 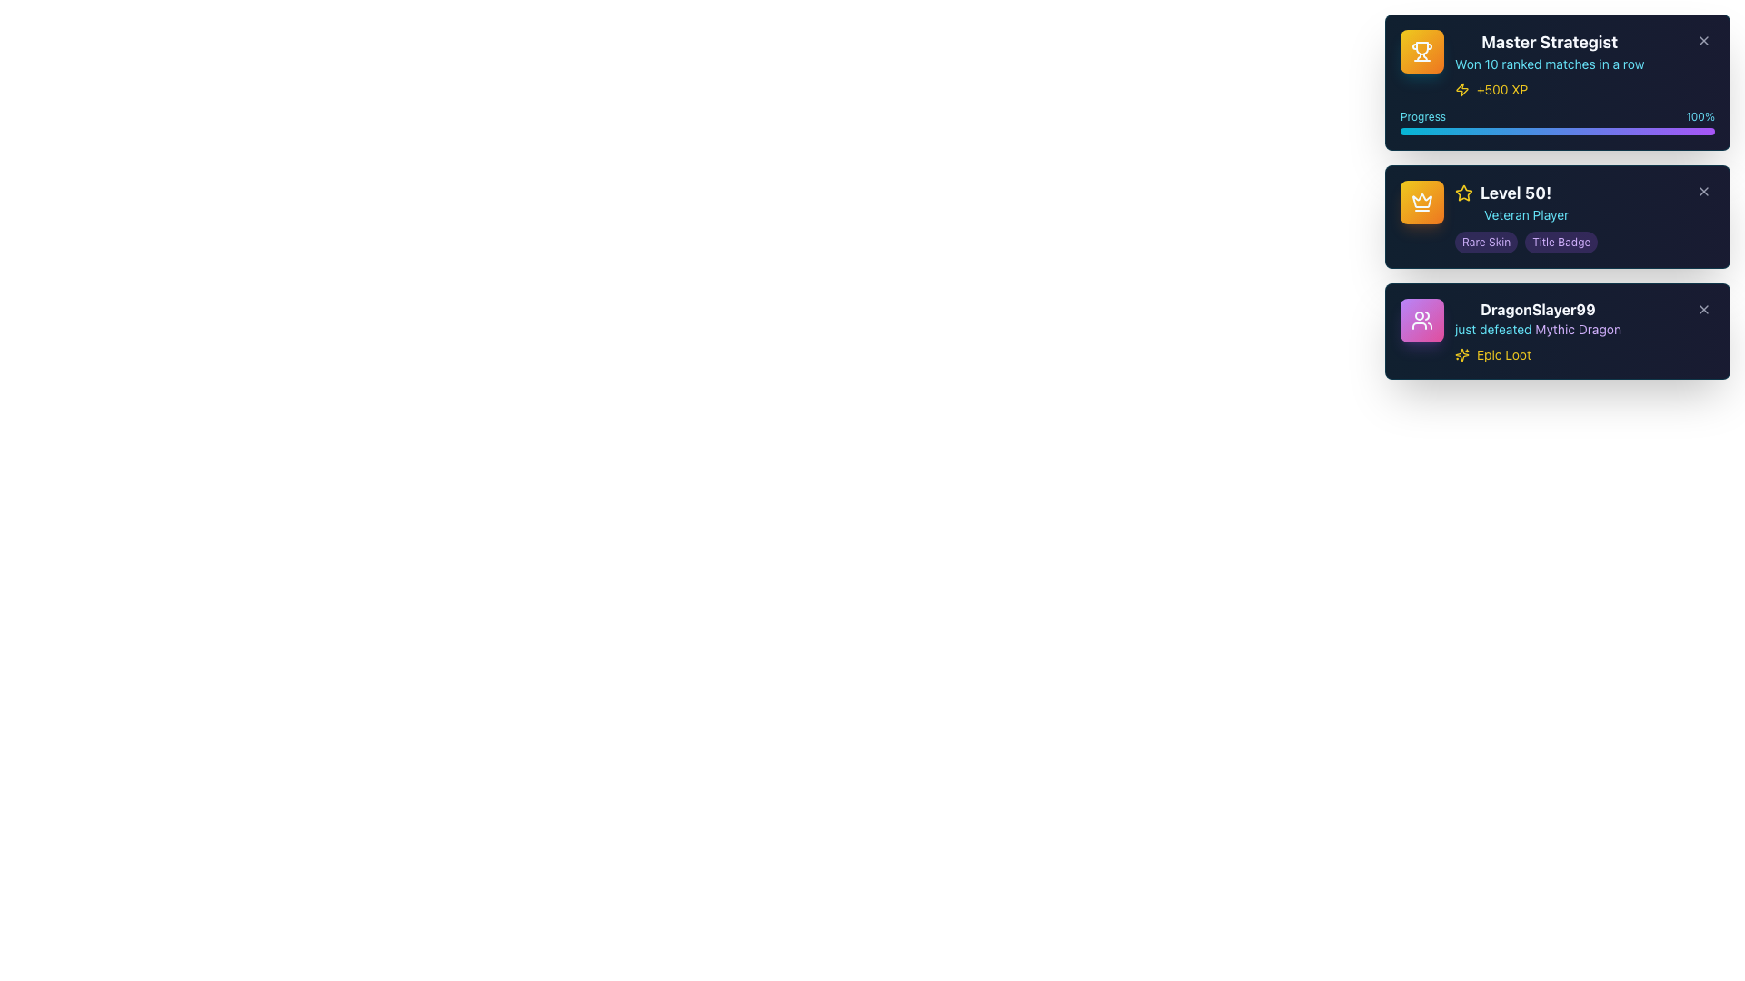 What do you see at coordinates (1421, 200) in the screenshot?
I see `the orange crown emblem icon associated with the 'Level 50!' title and 'Veteran Player' caption located in the second notification card from the top in the right-hand column` at bounding box center [1421, 200].